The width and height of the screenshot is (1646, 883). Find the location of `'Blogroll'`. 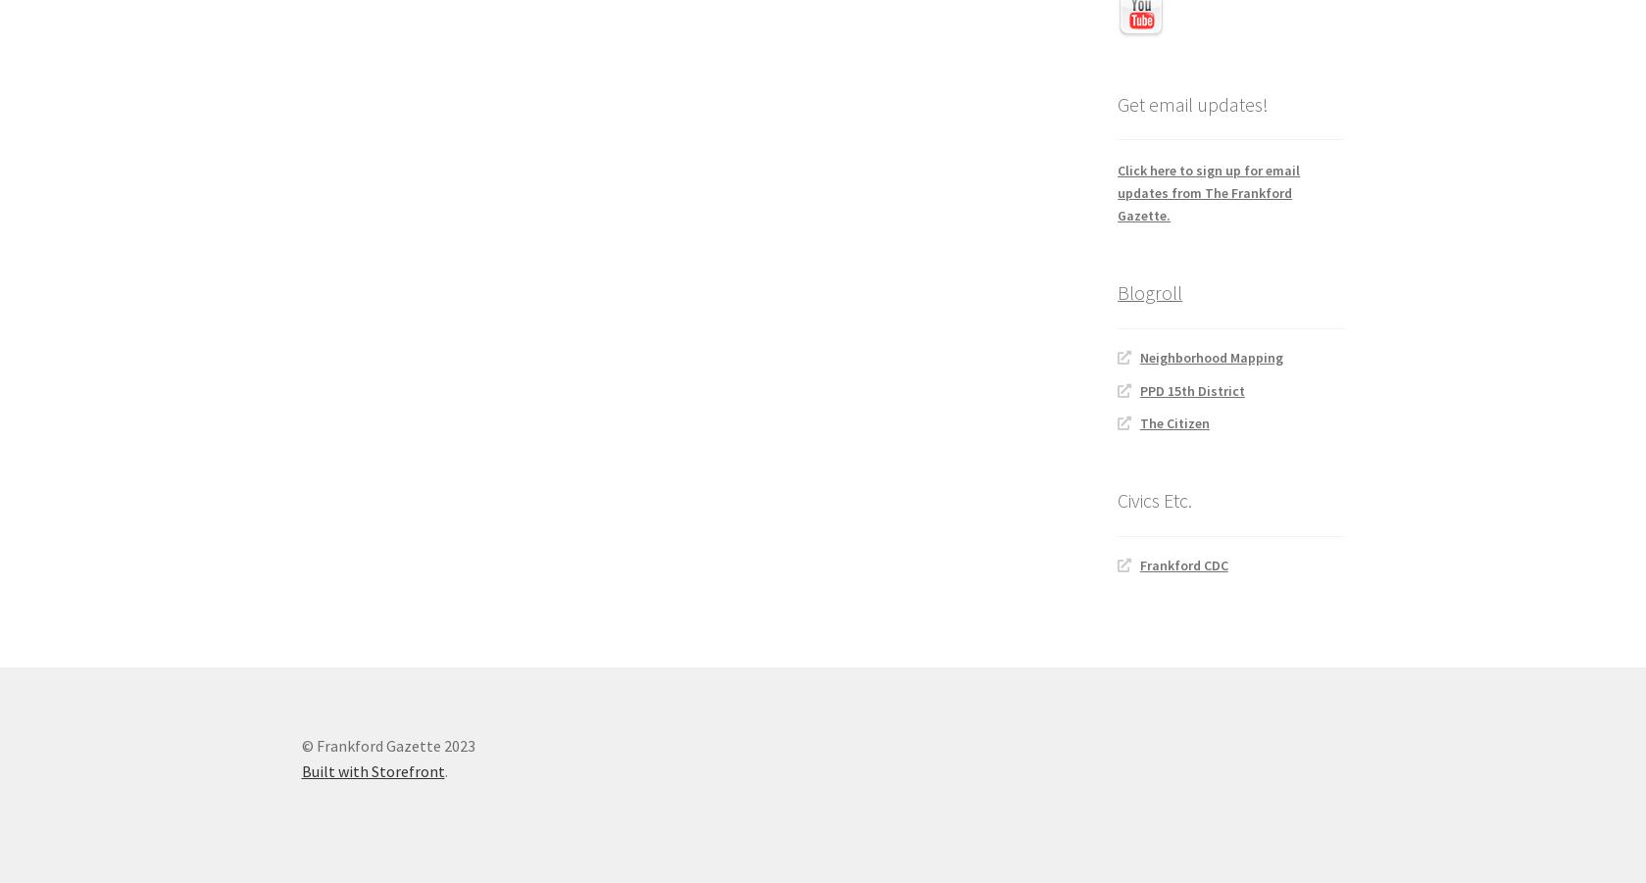

'Blogroll' is located at coordinates (1148, 292).